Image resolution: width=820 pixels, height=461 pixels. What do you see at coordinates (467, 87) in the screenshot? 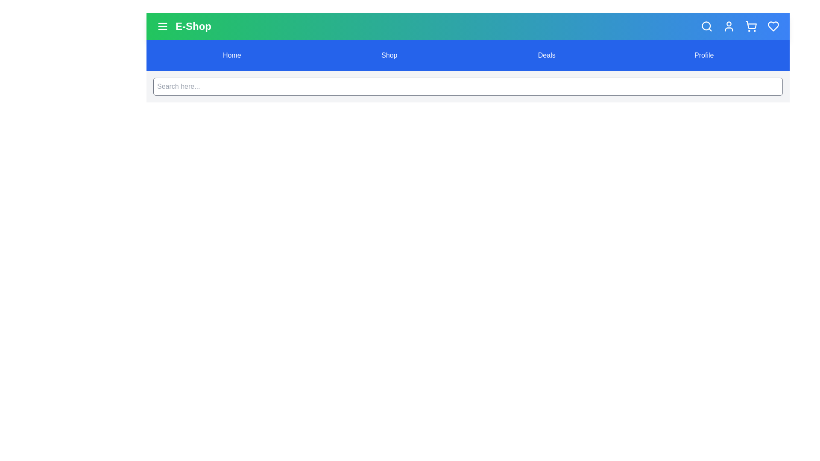
I see `the search input field and type 'query'` at bounding box center [467, 87].